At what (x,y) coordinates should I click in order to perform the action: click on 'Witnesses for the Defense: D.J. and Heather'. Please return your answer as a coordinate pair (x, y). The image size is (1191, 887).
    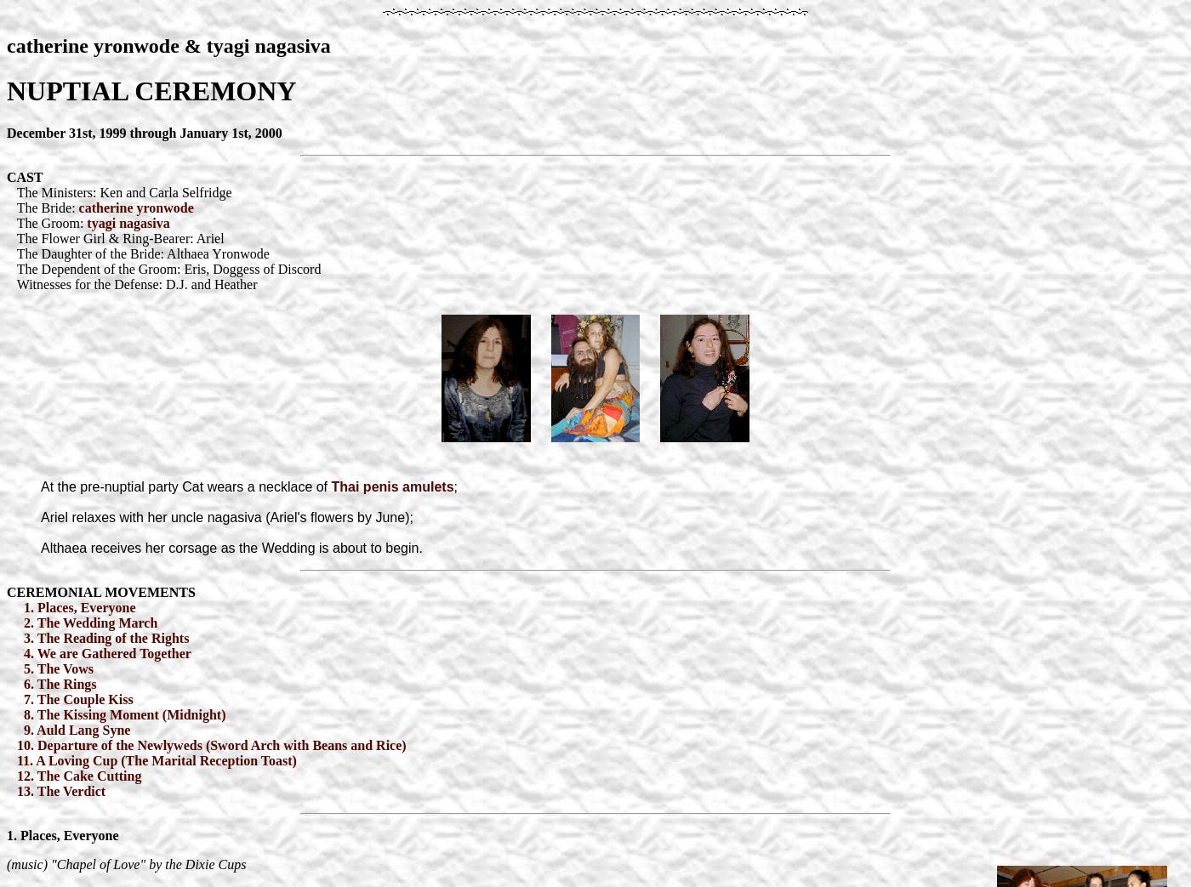
    Looking at the image, I should click on (131, 282).